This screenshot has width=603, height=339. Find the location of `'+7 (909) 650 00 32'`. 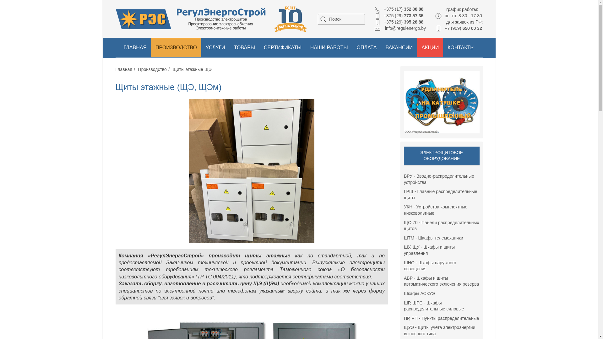

'+7 (909) 650 00 32' is located at coordinates (459, 28).